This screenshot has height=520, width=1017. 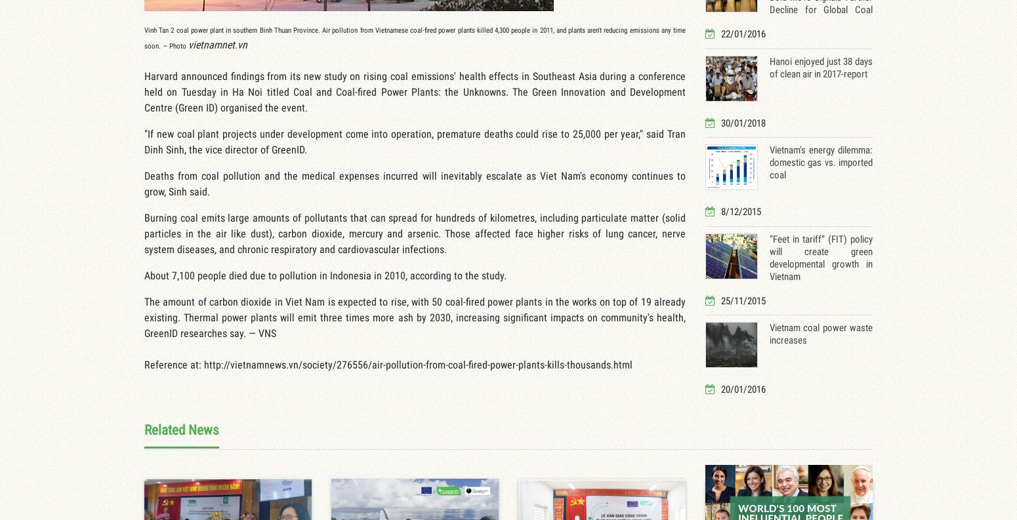 What do you see at coordinates (181, 429) in the screenshot?
I see `'Related News'` at bounding box center [181, 429].